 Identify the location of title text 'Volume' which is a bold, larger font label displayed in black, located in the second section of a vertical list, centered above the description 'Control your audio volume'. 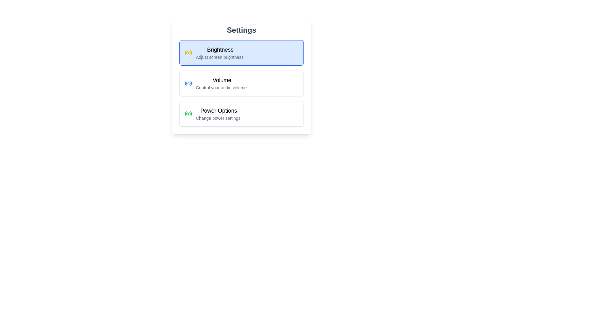
(222, 80).